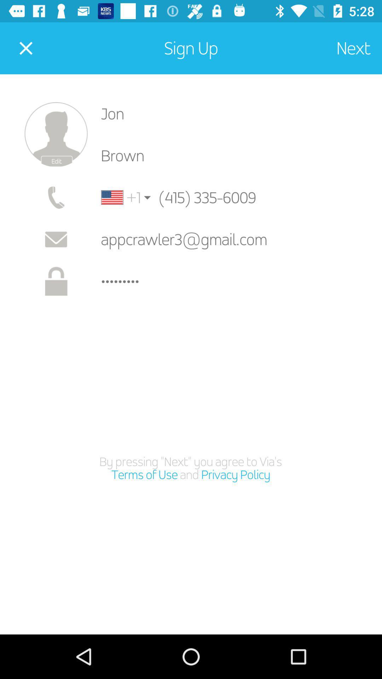 Image resolution: width=382 pixels, height=679 pixels. Describe the element at coordinates (121, 197) in the screenshot. I see `item above the appcrawler3@gmail.com` at that location.